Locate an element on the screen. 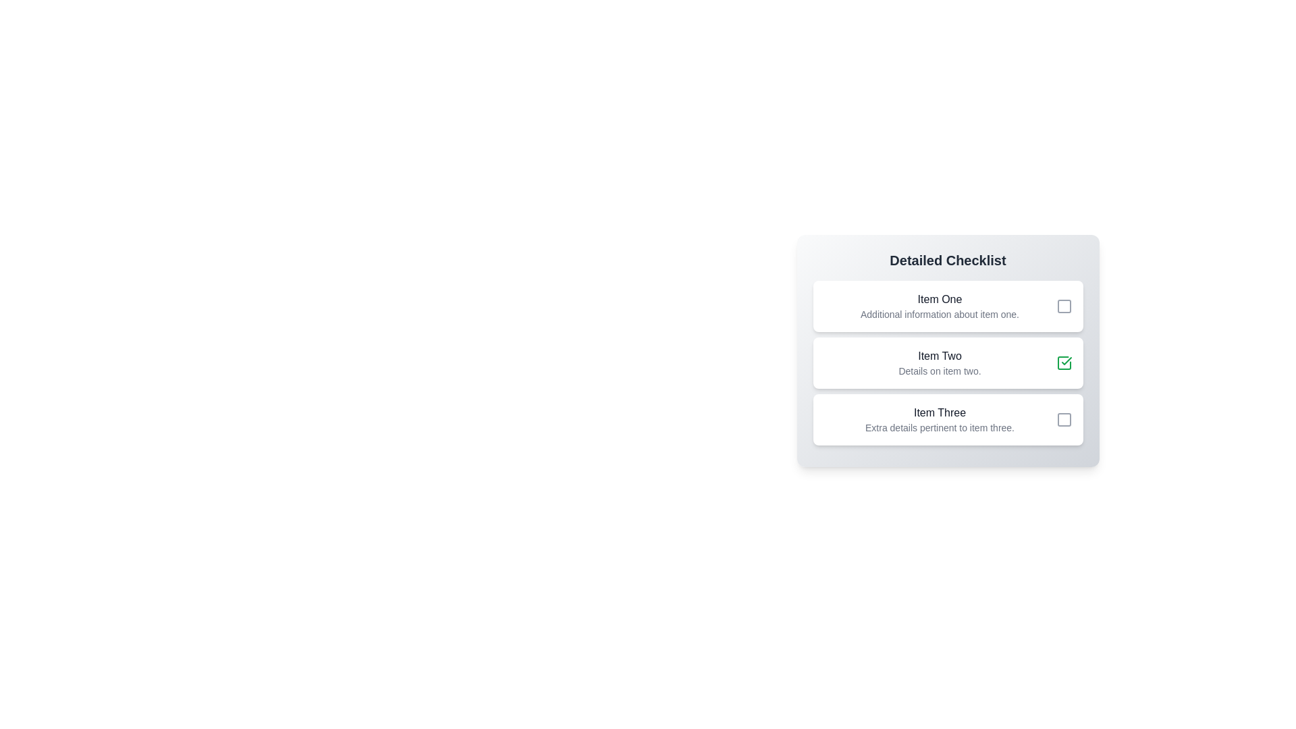  the main textual content of the card labeled 'Item Two' is located at coordinates (939, 362).